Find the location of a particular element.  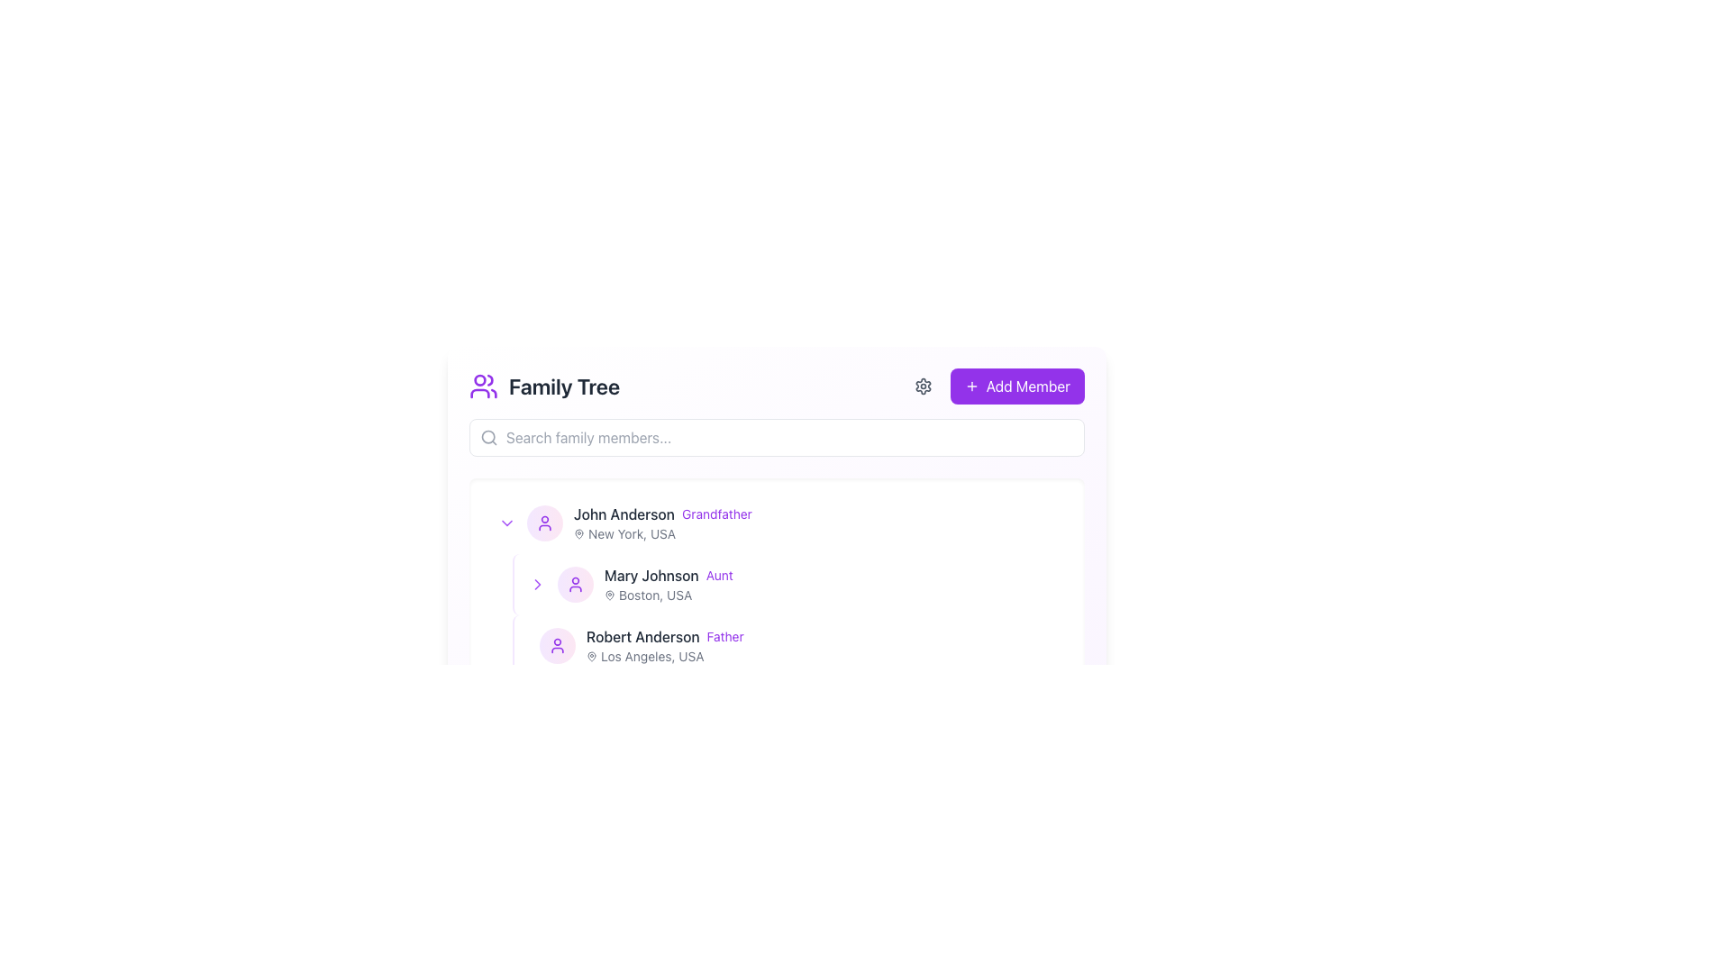

the card element representing 'Robert Anderson', the Father located in Los Angeles, USA is located at coordinates (791, 645).